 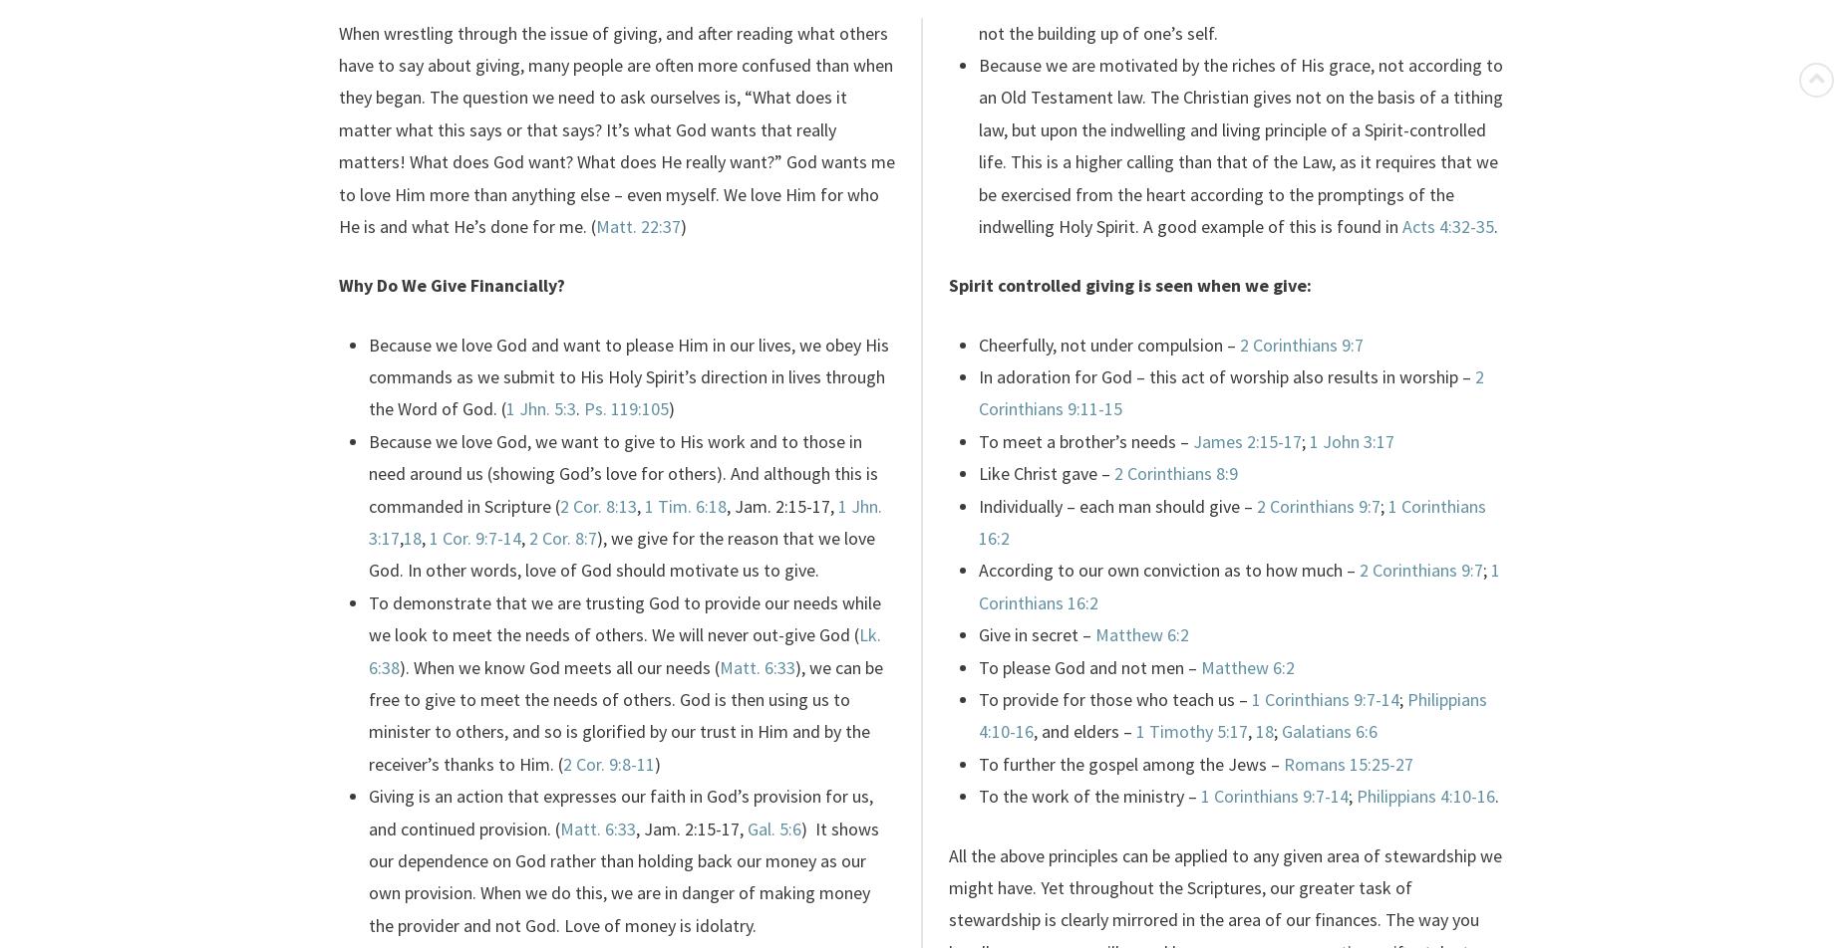 What do you see at coordinates (338, 128) in the screenshot?
I see `'When wrestling through the issue of giving, and after reading what others have to say about giving, many people are often more confused than when they began. The question we need to ask ourselves is, “What does it matter what this says or that says? It’s what God wants that really matters! What does God want? What does He really want?” God wants me to love Him more than anything else – even myself. We love Him for who He is and what He’s done for me. ('` at bounding box center [338, 128].